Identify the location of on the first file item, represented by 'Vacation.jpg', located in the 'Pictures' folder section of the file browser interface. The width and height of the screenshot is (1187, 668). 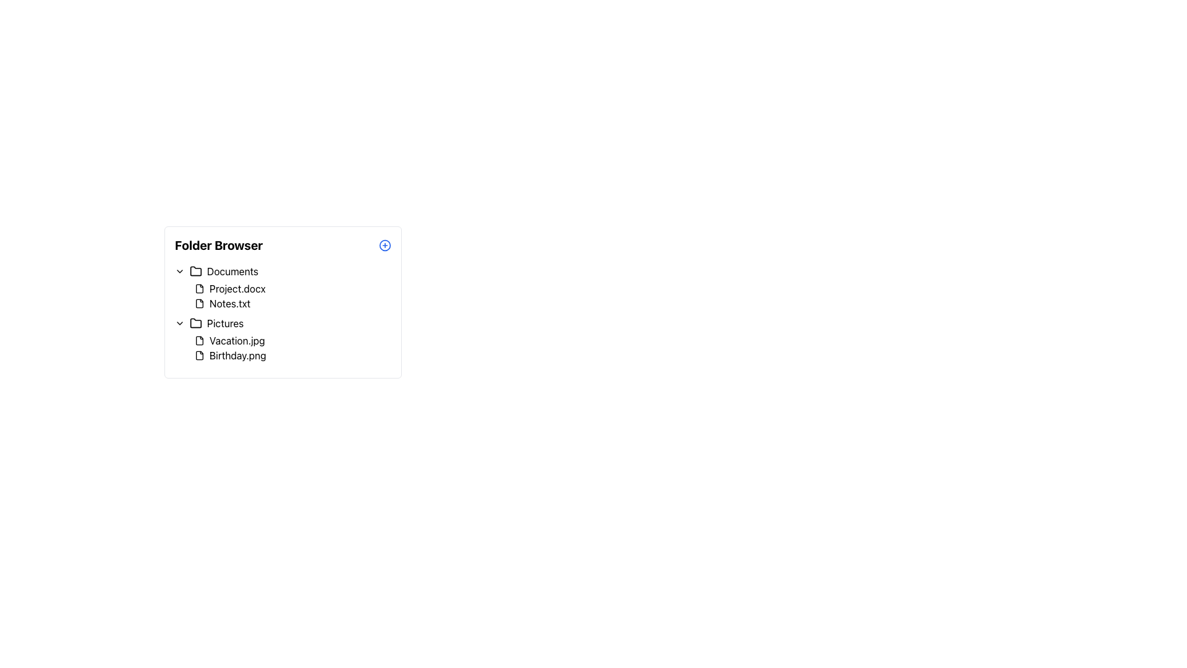
(290, 348).